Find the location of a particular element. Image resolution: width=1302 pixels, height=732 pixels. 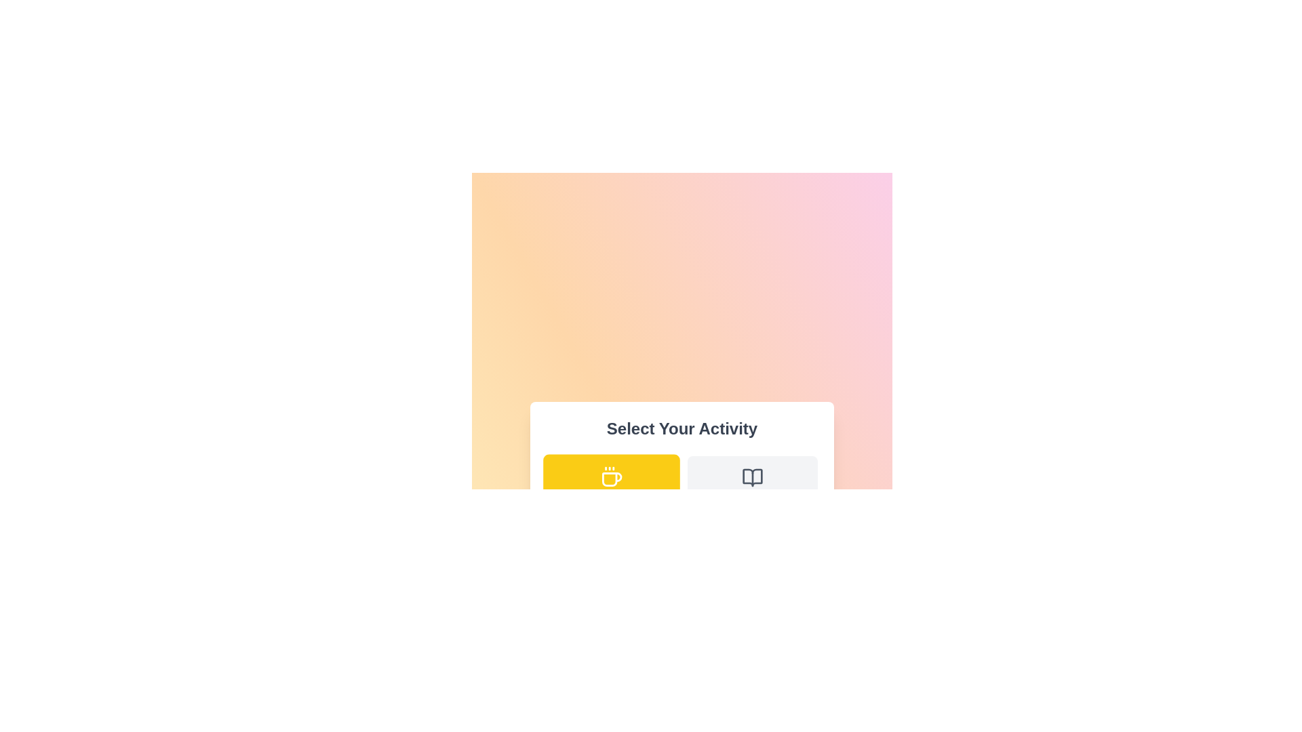

the open book icon located above the 'Reading' title within the rectangular card is located at coordinates (751, 477).